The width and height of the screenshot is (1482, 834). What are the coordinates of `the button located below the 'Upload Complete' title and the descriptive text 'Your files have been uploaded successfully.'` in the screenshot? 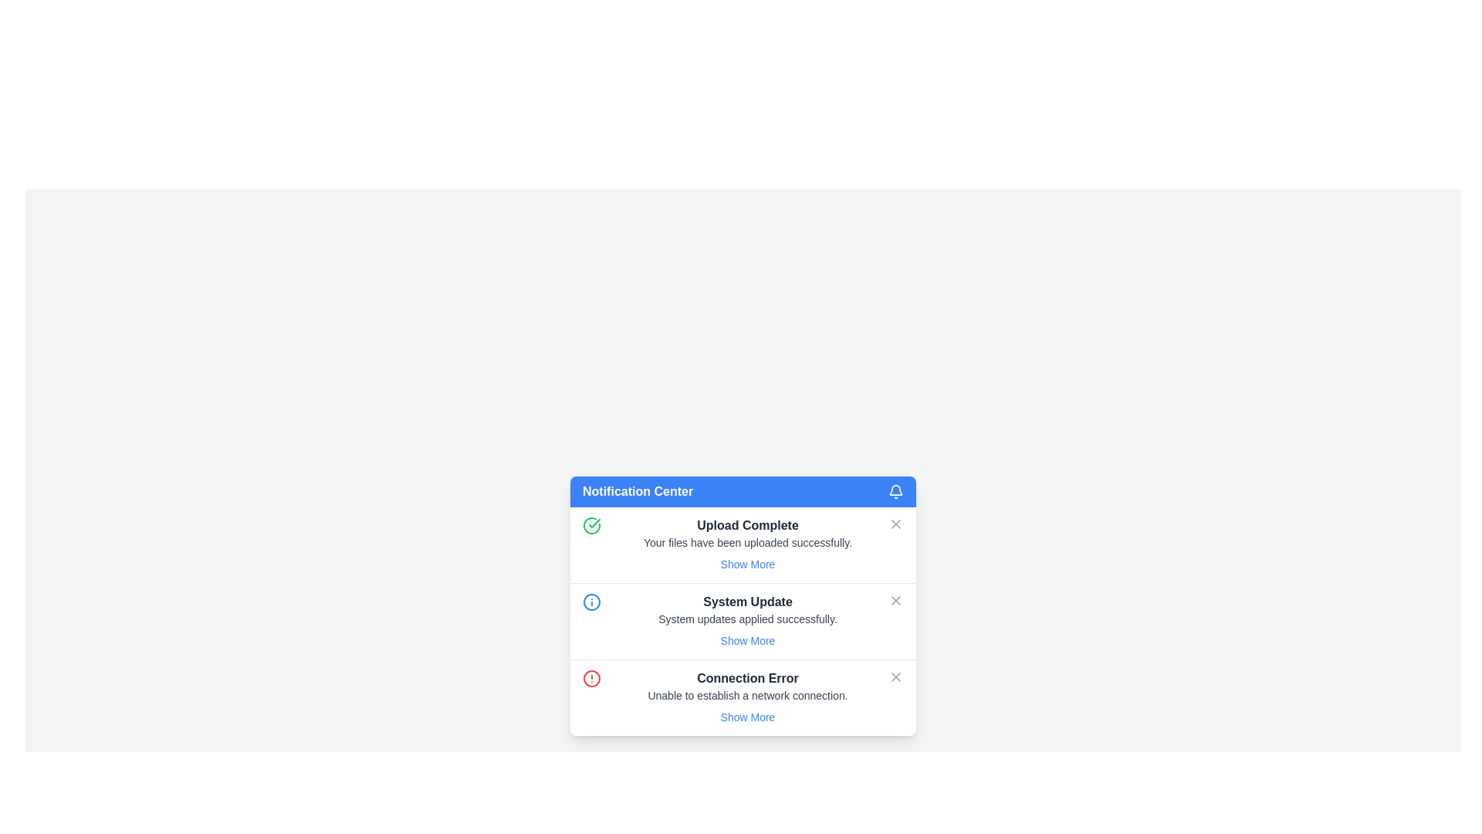 It's located at (748, 564).